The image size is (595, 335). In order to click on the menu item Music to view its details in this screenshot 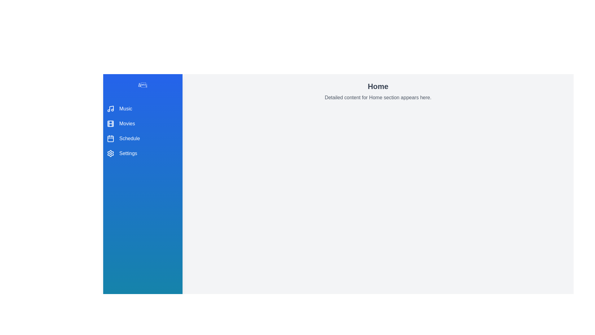, I will do `click(142, 109)`.